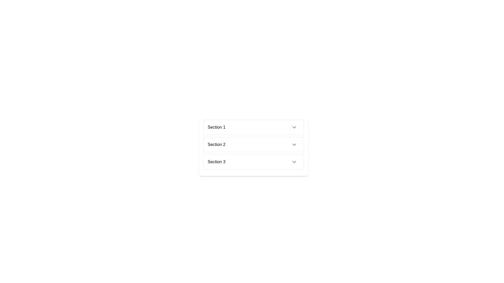 This screenshot has width=504, height=283. Describe the element at coordinates (294, 161) in the screenshot. I see `the button with an icon that expands or collapses additional content related to the 'Section 3' label` at that location.